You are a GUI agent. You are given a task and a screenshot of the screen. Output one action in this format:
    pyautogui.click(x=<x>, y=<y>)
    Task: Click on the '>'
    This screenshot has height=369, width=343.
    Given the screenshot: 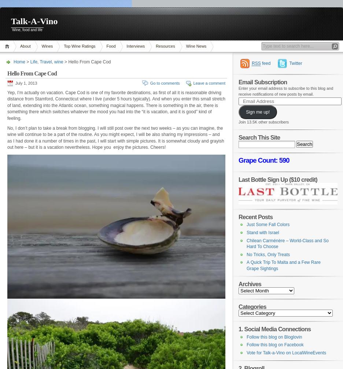 What is the action you would take?
    pyautogui.click(x=27, y=62)
    